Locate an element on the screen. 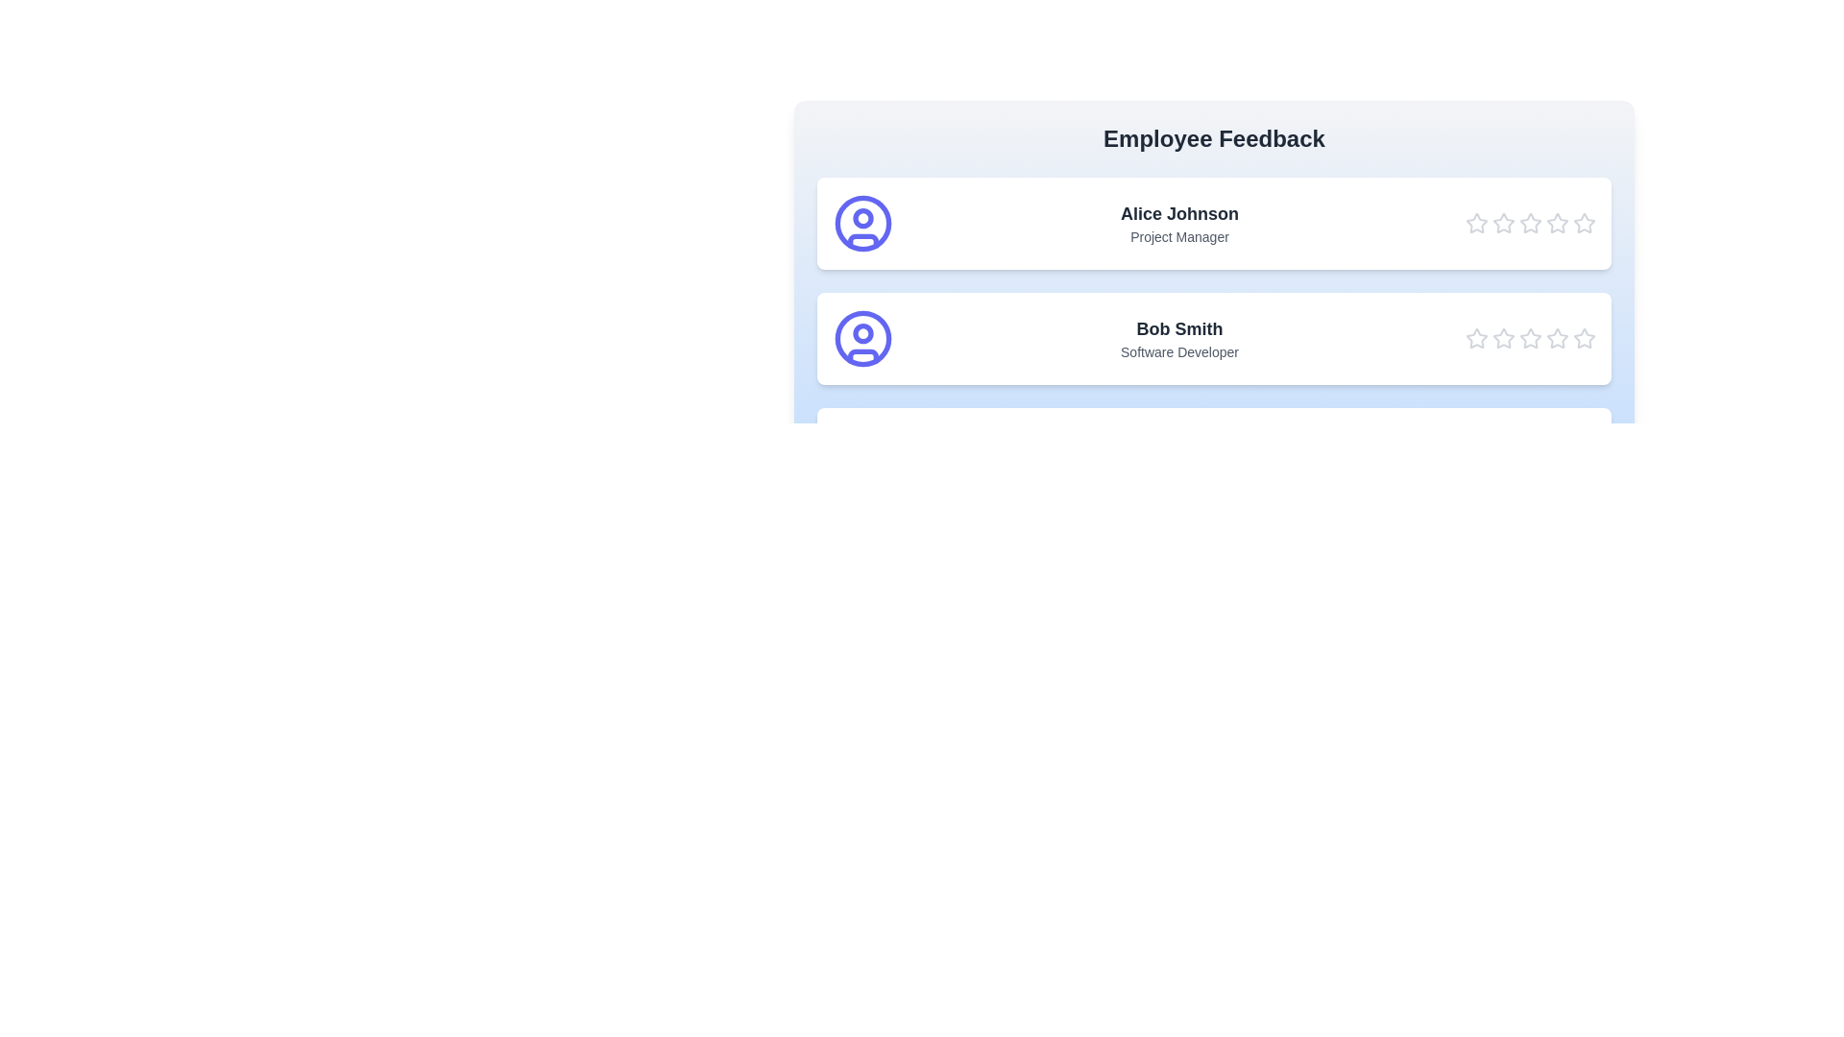  the star corresponding to 3 stars for the employee Bob Smith is located at coordinates (1529, 338).